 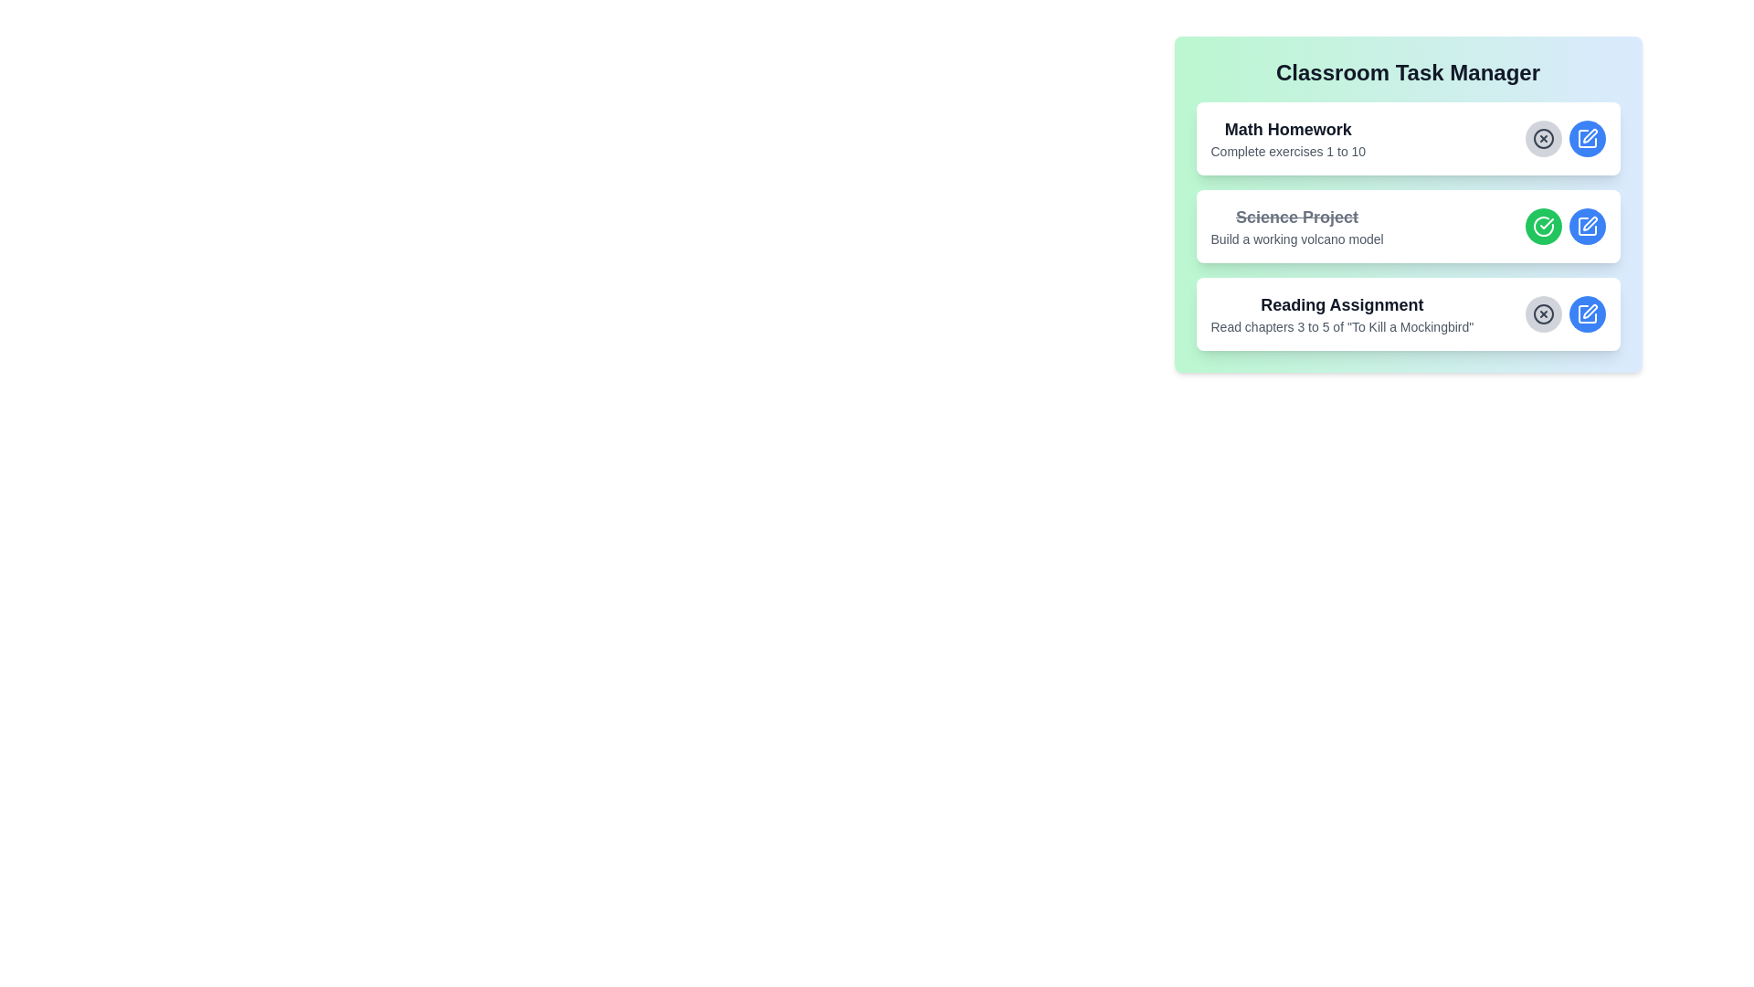 What do you see at coordinates (1586, 313) in the screenshot?
I see `edit button for the task with the title Reading Assignment` at bounding box center [1586, 313].